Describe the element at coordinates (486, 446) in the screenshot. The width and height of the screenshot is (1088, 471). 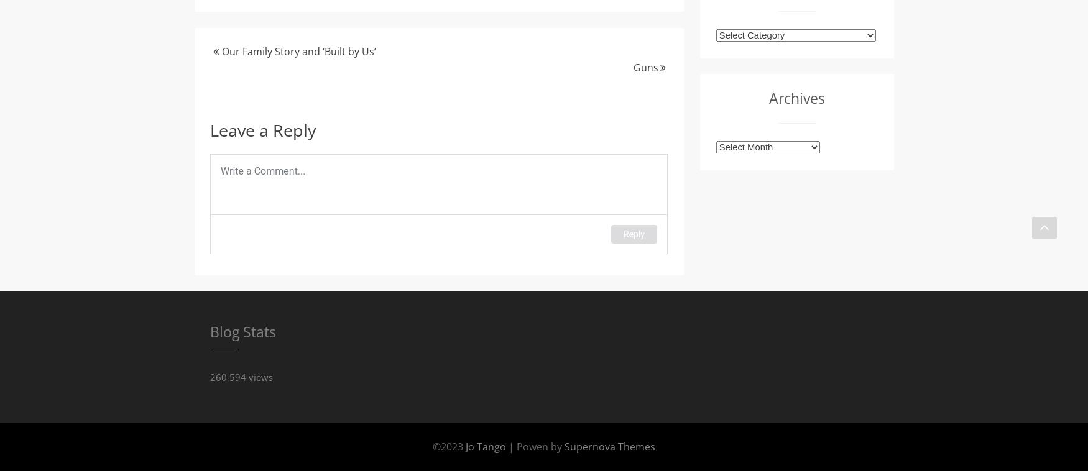
I see `'Jo Tango'` at that location.